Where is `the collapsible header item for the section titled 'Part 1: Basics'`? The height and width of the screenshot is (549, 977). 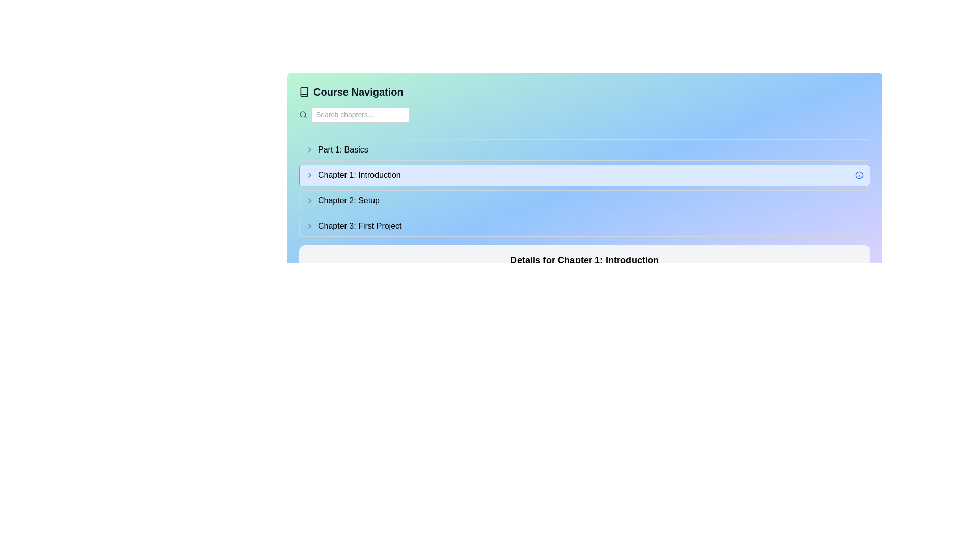
the collapsible header item for the section titled 'Part 1: Basics' is located at coordinates (337, 149).